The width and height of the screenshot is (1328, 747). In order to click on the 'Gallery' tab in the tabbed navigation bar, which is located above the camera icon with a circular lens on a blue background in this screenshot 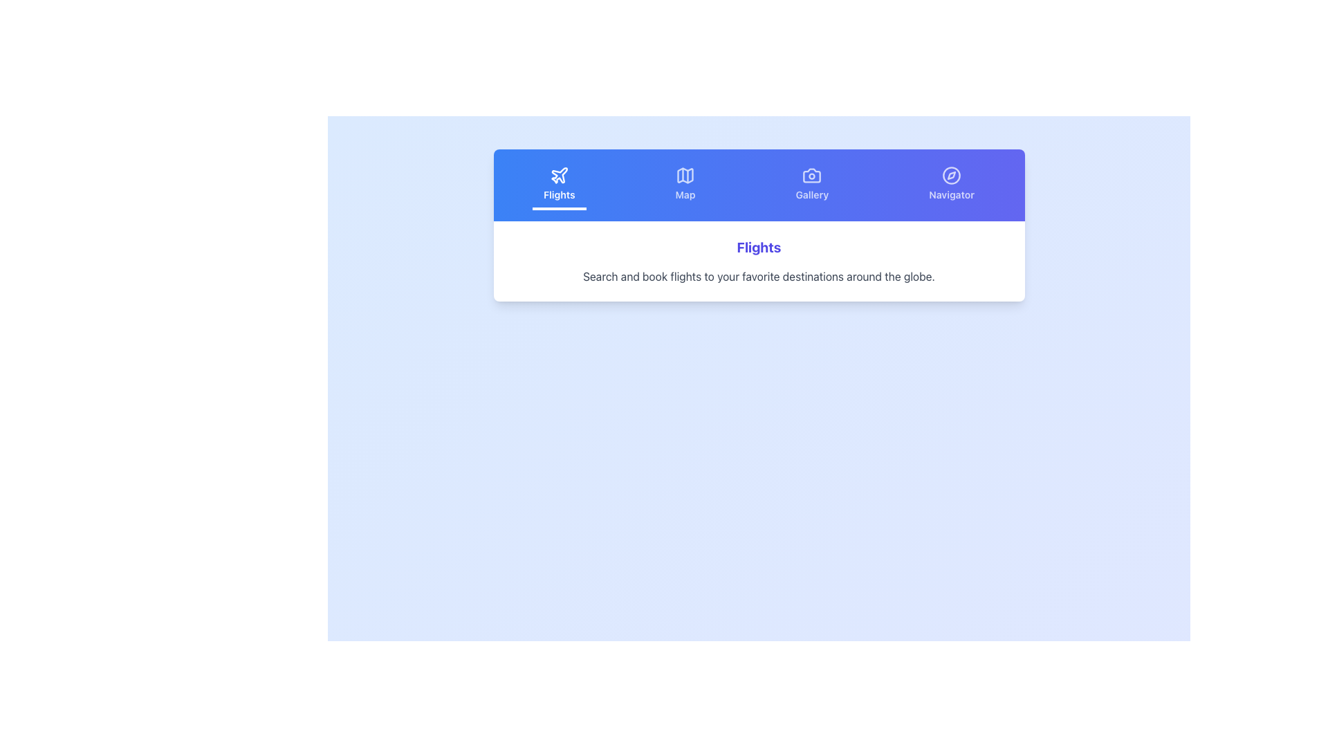, I will do `click(812, 175)`.